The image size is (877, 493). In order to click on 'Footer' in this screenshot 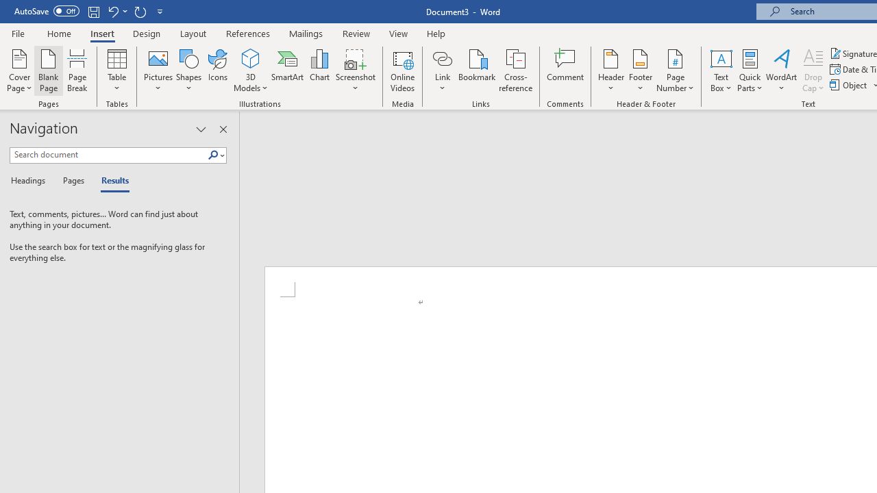, I will do `click(640, 71)`.